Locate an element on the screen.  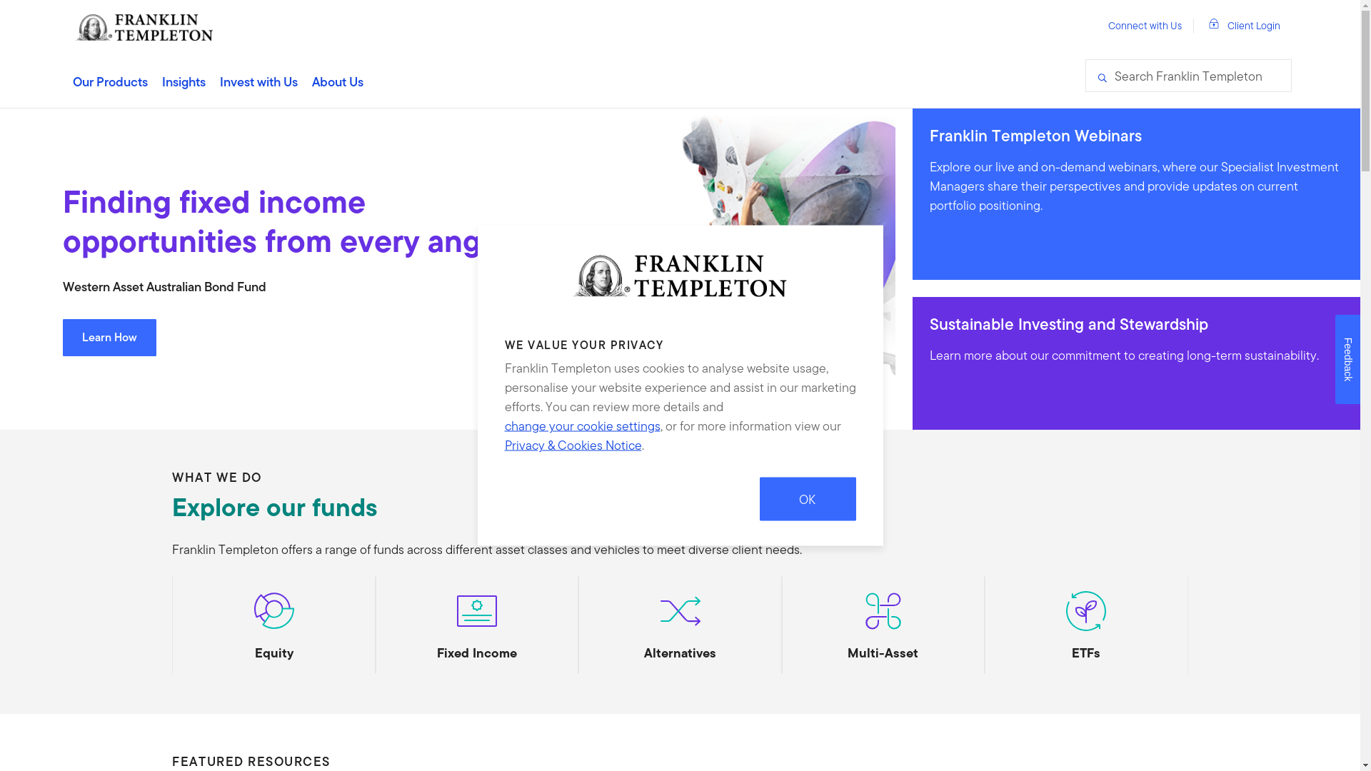
'Invest with Us' is located at coordinates (258, 81).